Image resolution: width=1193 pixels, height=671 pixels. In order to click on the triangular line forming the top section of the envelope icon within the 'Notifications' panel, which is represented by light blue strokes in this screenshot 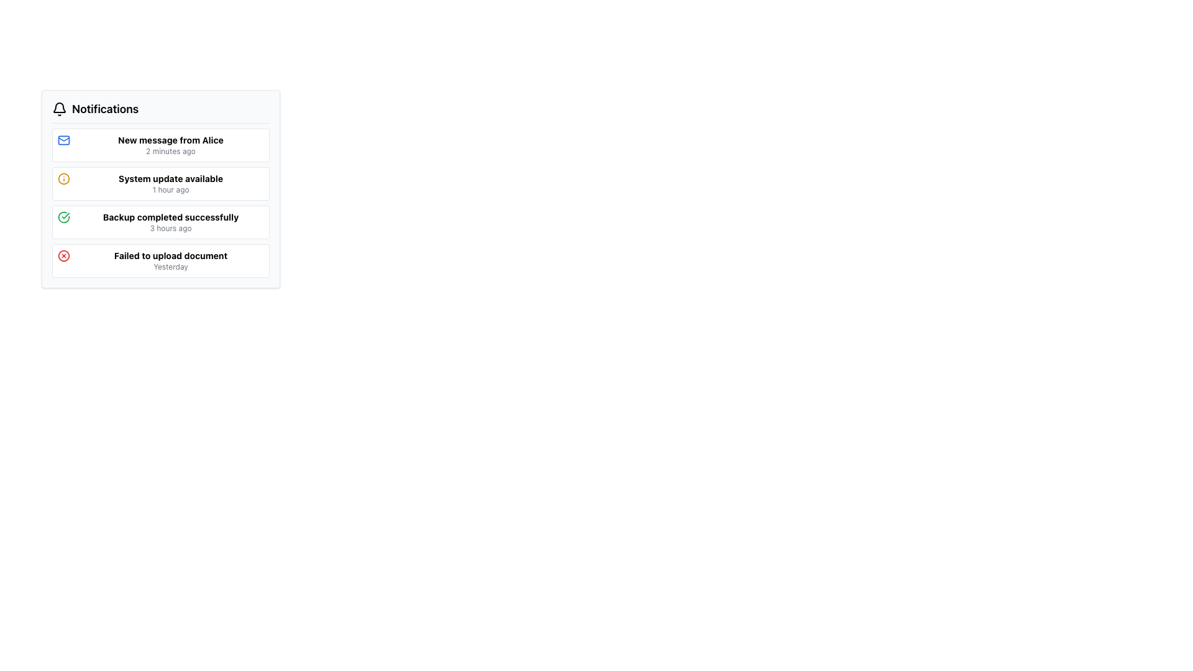, I will do `click(63, 139)`.